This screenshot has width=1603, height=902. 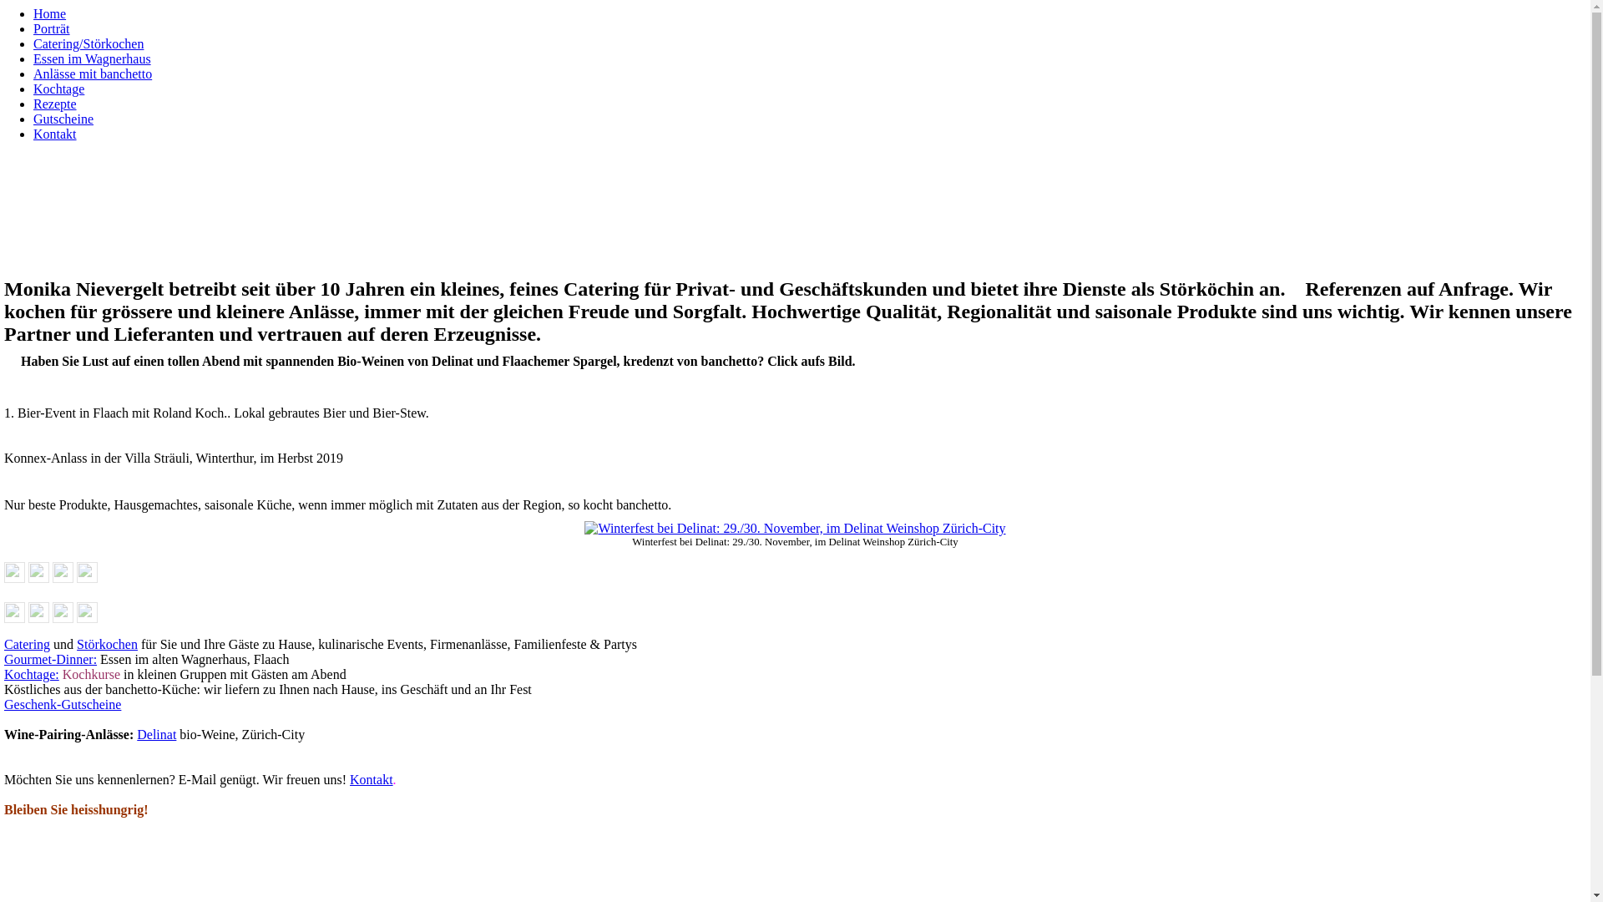 I want to click on 'Delinat', so click(x=156, y=733).